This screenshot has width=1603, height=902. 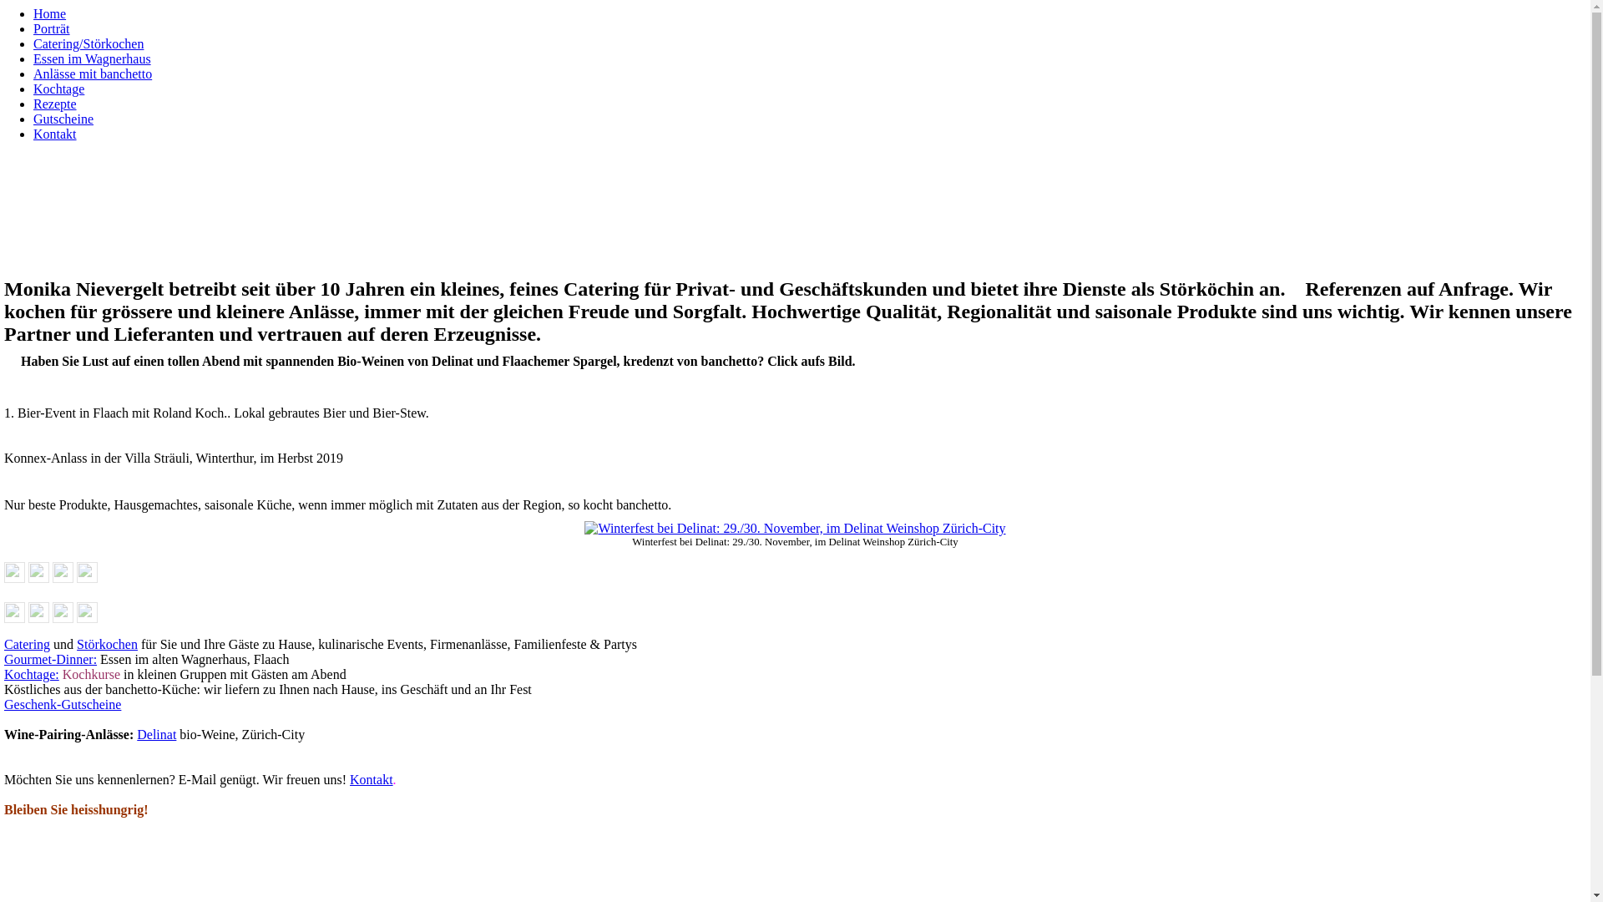 I want to click on 'Delinat', so click(x=156, y=733).